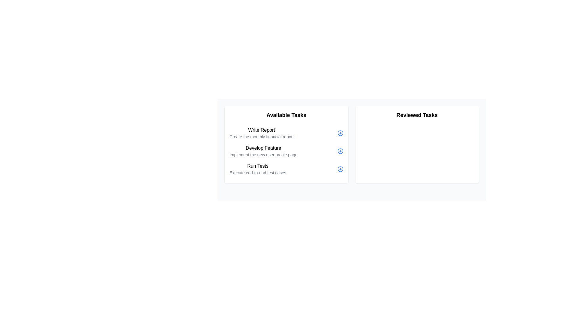  What do you see at coordinates (340, 151) in the screenshot?
I see `the circular graphical component that serves as an action marker for the 'Develop Feature' task, located below the 'Write Report' task and above the 'Run Tests' option in the 'Available Tasks' section` at bounding box center [340, 151].